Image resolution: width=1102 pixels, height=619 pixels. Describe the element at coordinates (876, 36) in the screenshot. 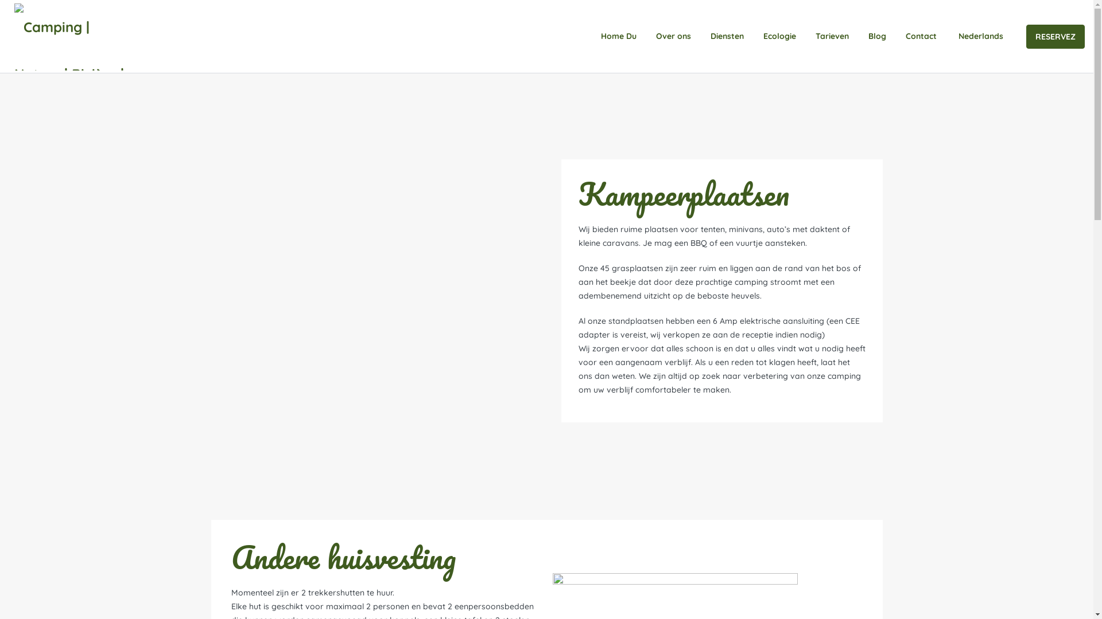

I see `'Blog'` at that location.